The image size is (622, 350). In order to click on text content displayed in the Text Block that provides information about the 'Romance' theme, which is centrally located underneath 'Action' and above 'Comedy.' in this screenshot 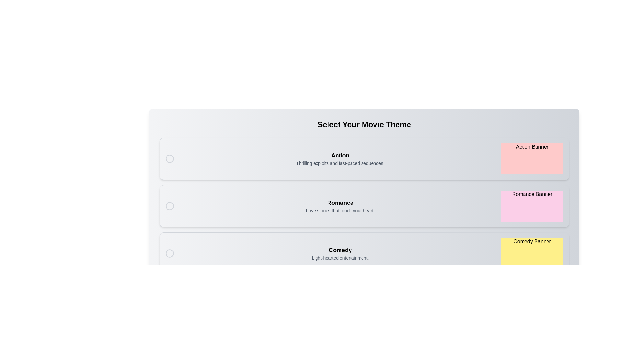, I will do `click(340, 206)`.